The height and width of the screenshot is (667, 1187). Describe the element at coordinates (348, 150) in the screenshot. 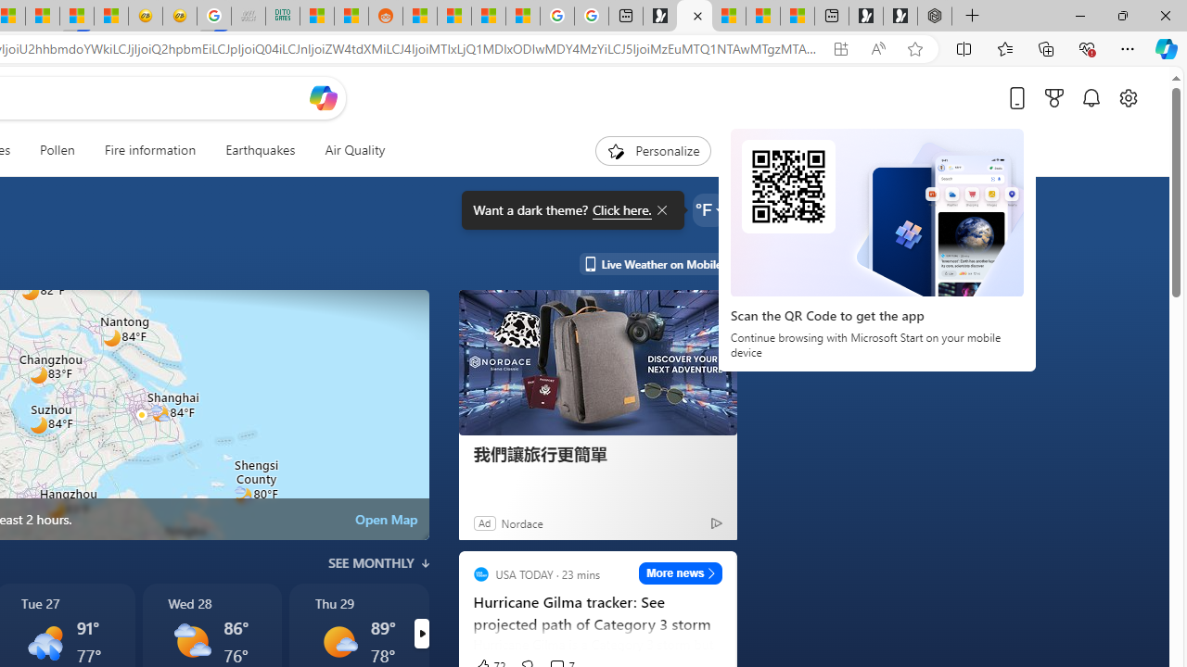

I see `'Air Quality'` at that location.